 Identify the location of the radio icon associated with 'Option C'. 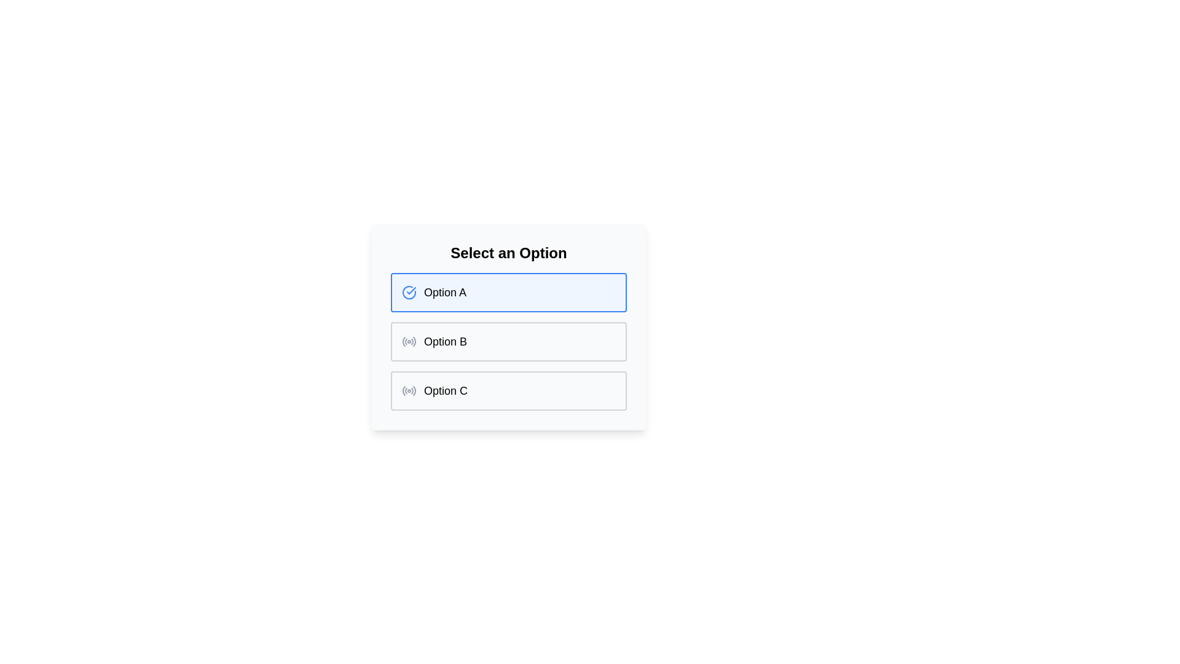
(409, 391).